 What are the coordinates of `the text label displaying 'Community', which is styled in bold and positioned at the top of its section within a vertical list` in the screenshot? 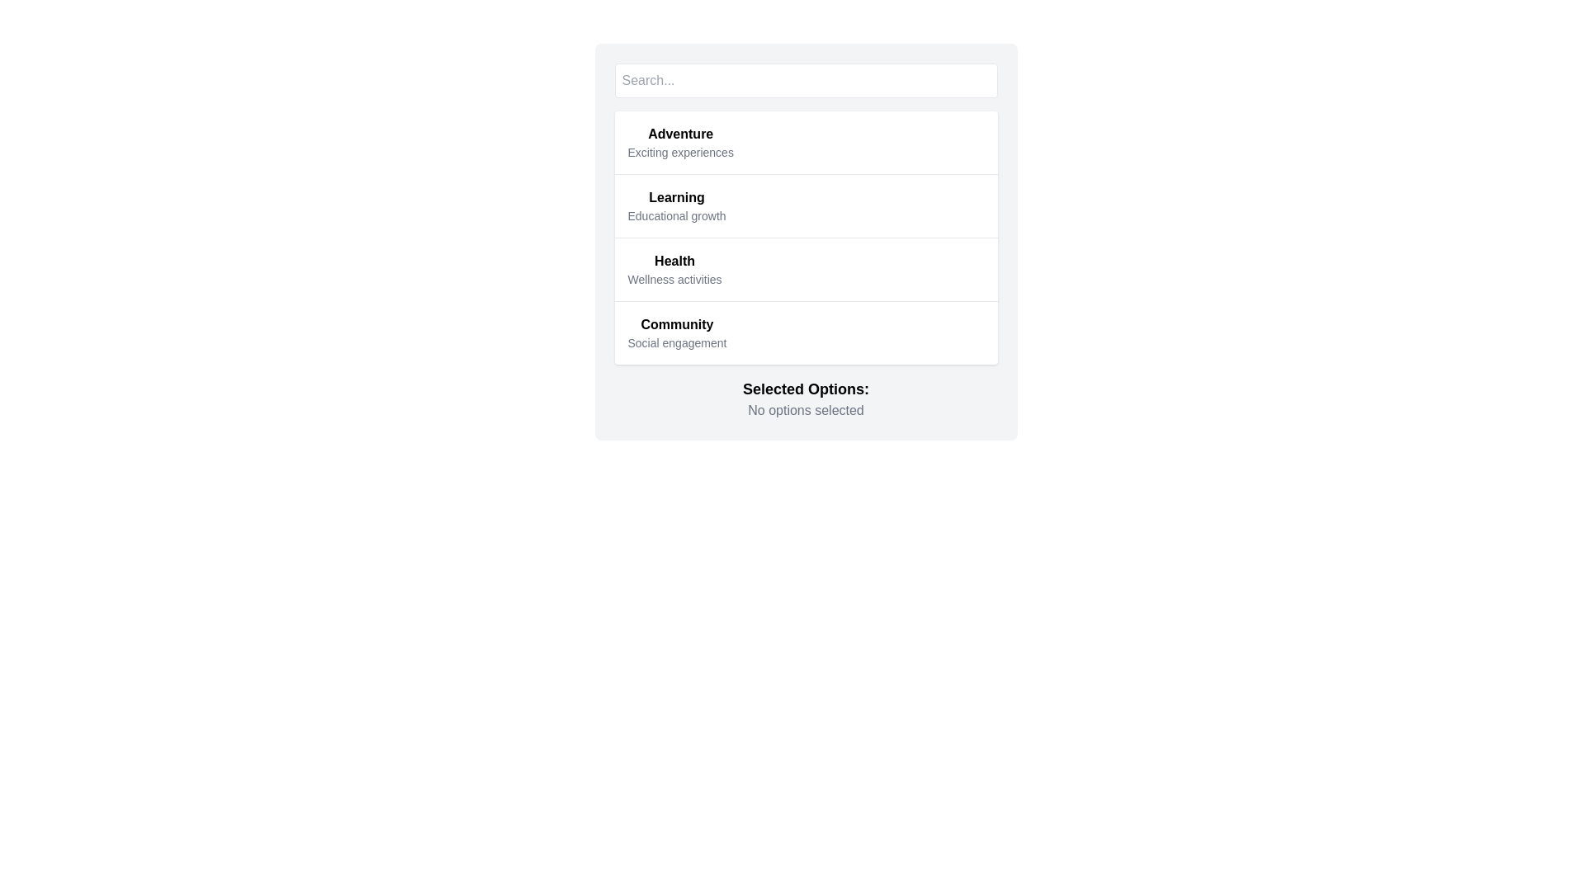 It's located at (677, 324).